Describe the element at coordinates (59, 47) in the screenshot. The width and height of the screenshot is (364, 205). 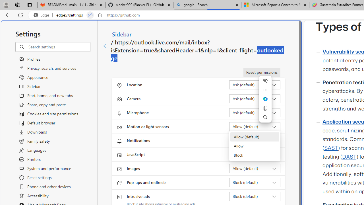
I see `'Search settings'` at that location.